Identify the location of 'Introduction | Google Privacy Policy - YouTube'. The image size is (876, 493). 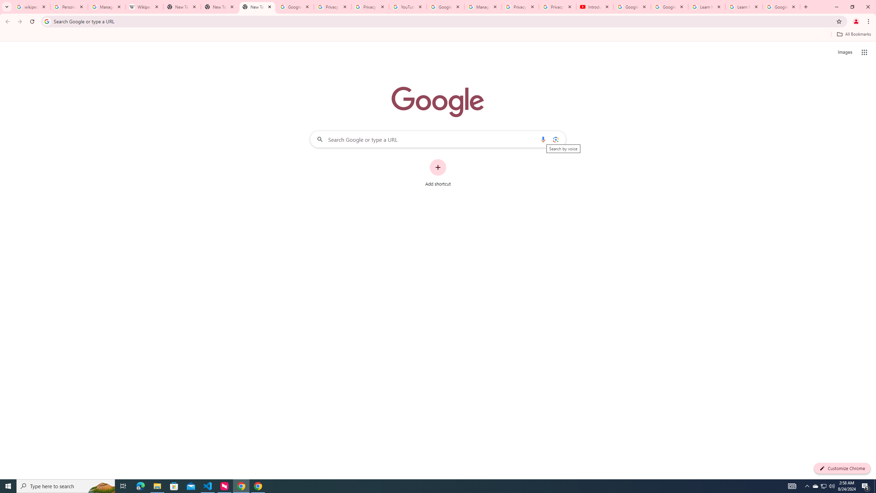
(594, 7).